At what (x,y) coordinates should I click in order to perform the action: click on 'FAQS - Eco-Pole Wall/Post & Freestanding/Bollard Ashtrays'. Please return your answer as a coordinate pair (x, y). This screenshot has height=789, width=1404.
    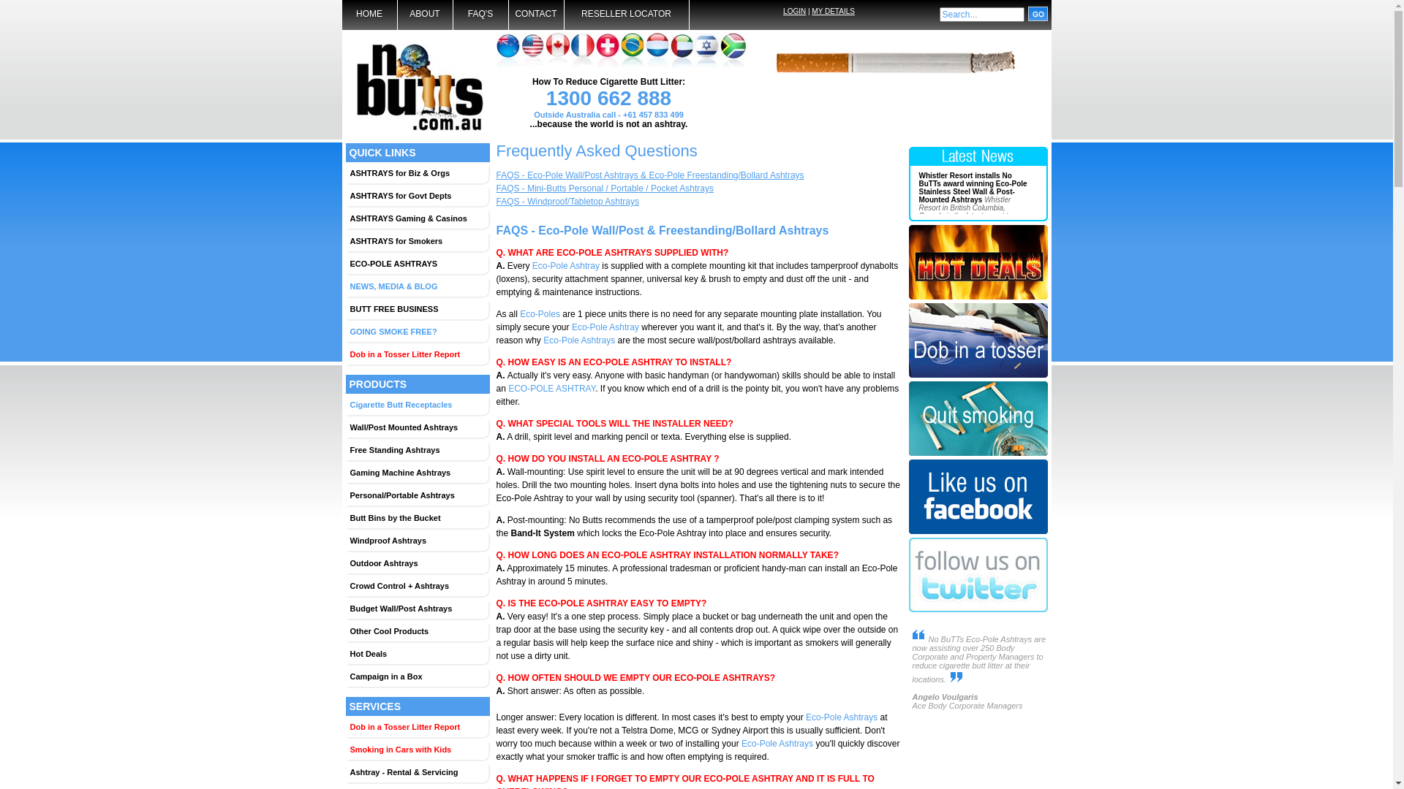
    Looking at the image, I should click on (661, 230).